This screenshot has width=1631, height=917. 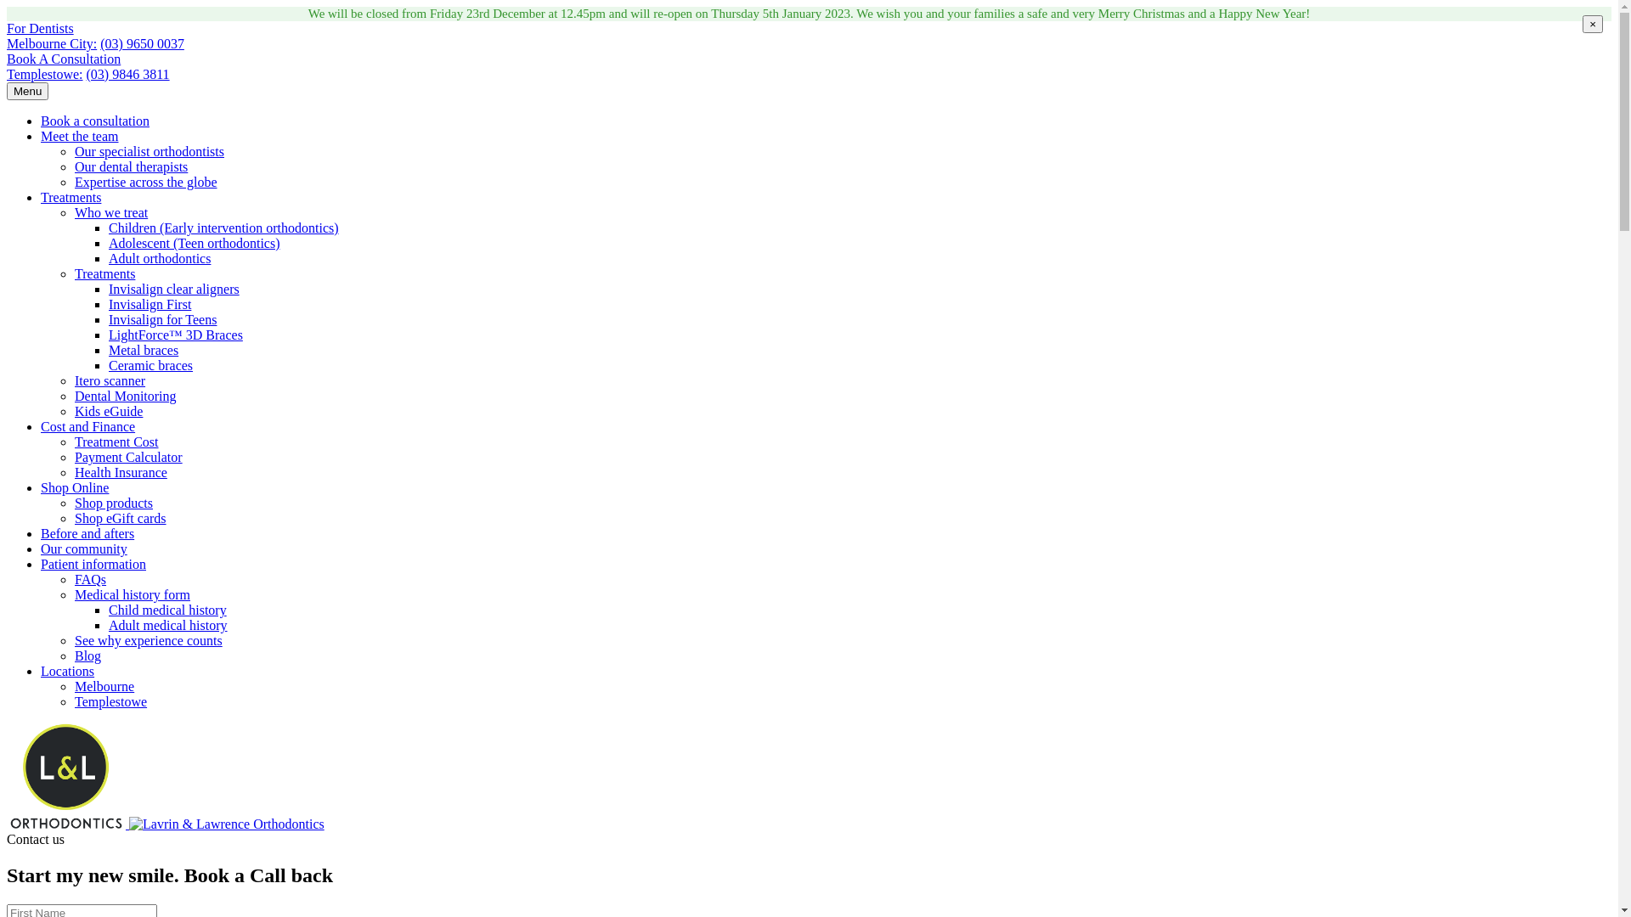 I want to click on 'Our specialist orthodontists', so click(x=150, y=150).